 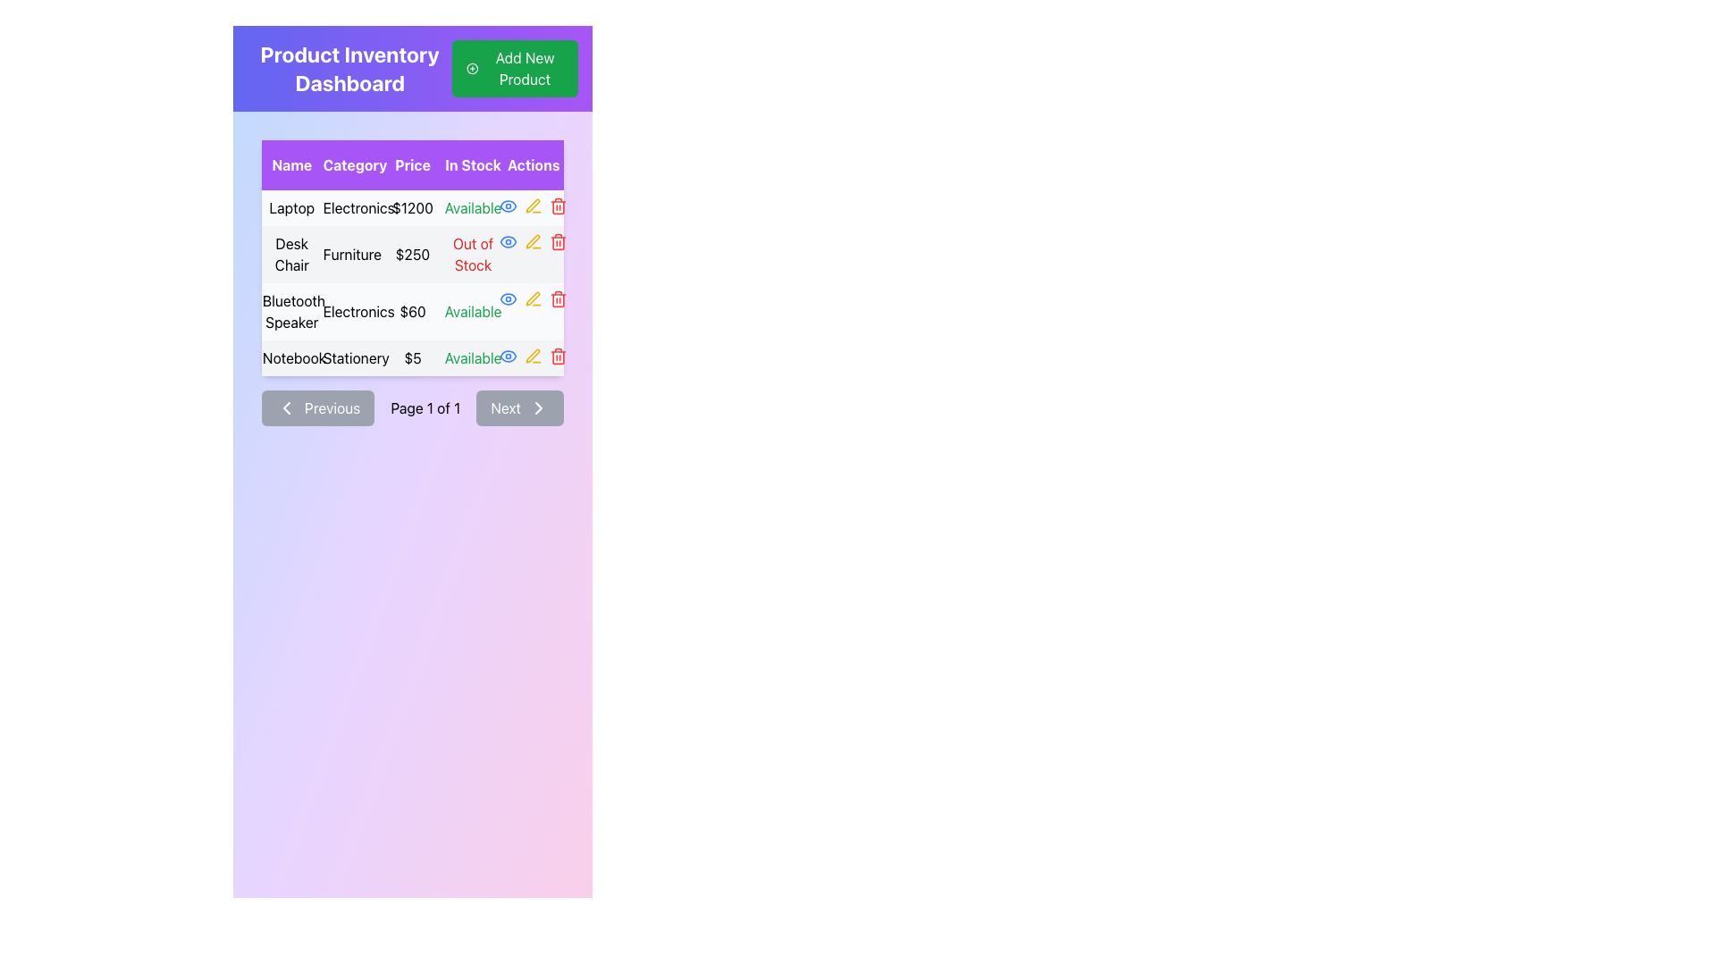 I want to click on the Table Header Row which displays the column headers: 'Name Category Price In Stock Actions' with a purple background and white text, so click(x=411, y=165).